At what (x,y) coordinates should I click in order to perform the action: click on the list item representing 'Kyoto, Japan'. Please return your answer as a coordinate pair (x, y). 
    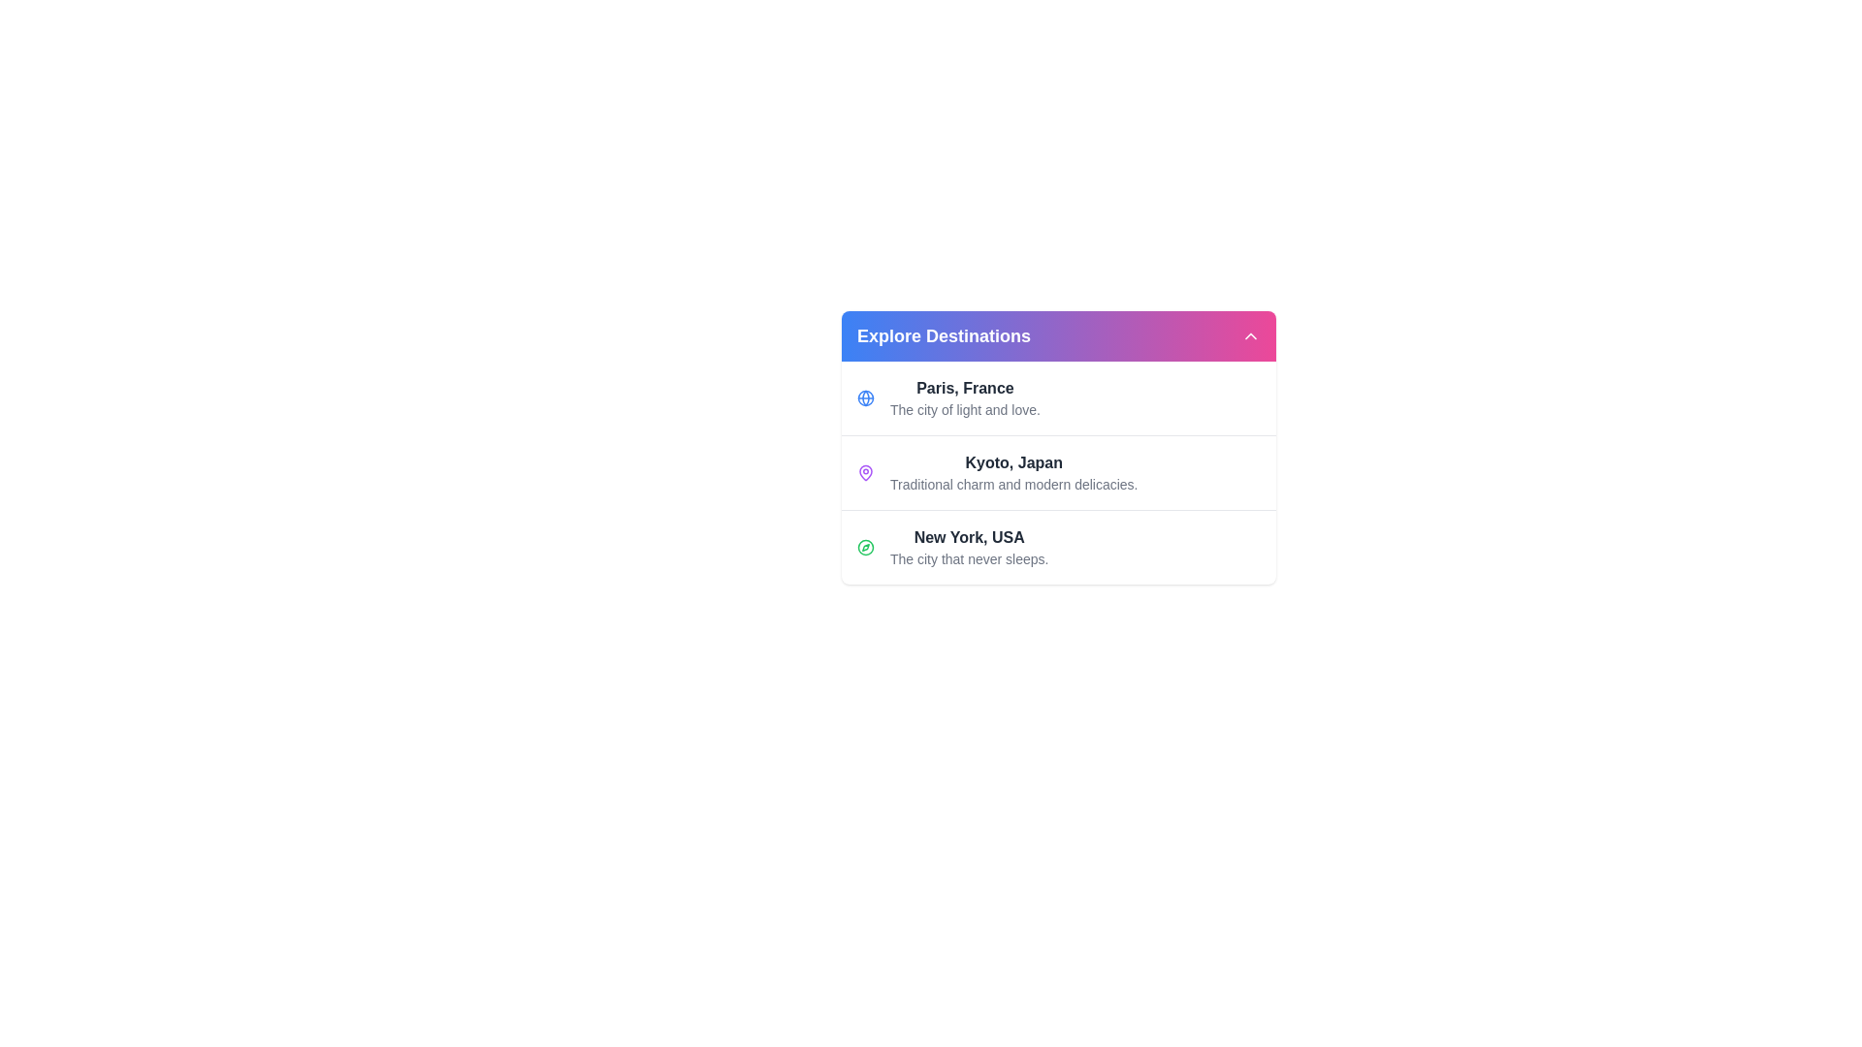
    Looking at the image, I should click on (1057, 472).